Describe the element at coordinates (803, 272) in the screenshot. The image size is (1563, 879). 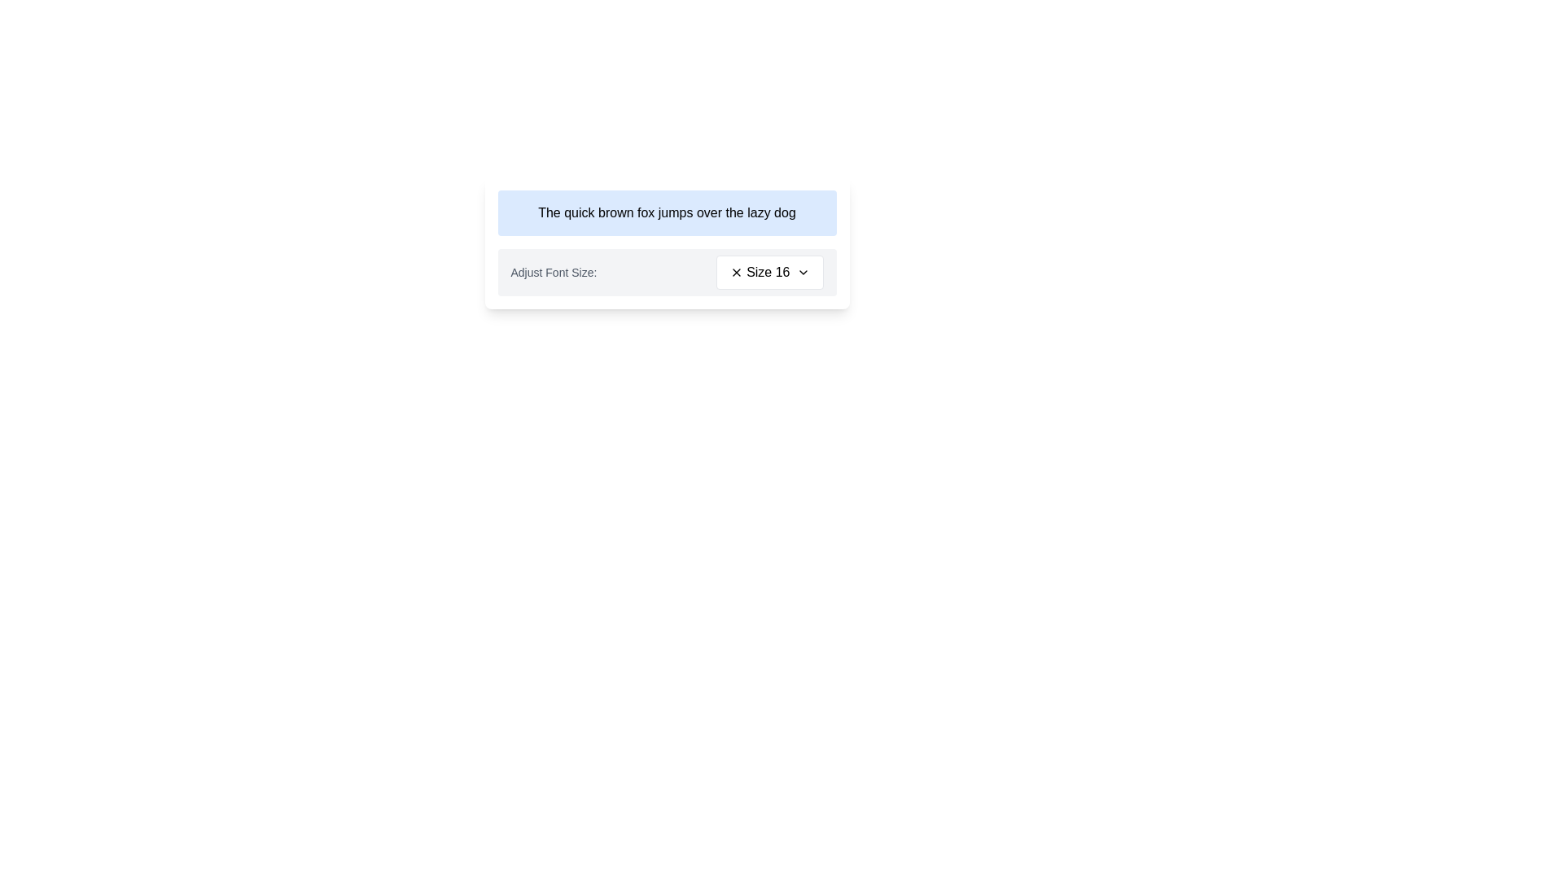
I see `the downward-pointing chevron icon next to the 'Size 16' text` at that location.